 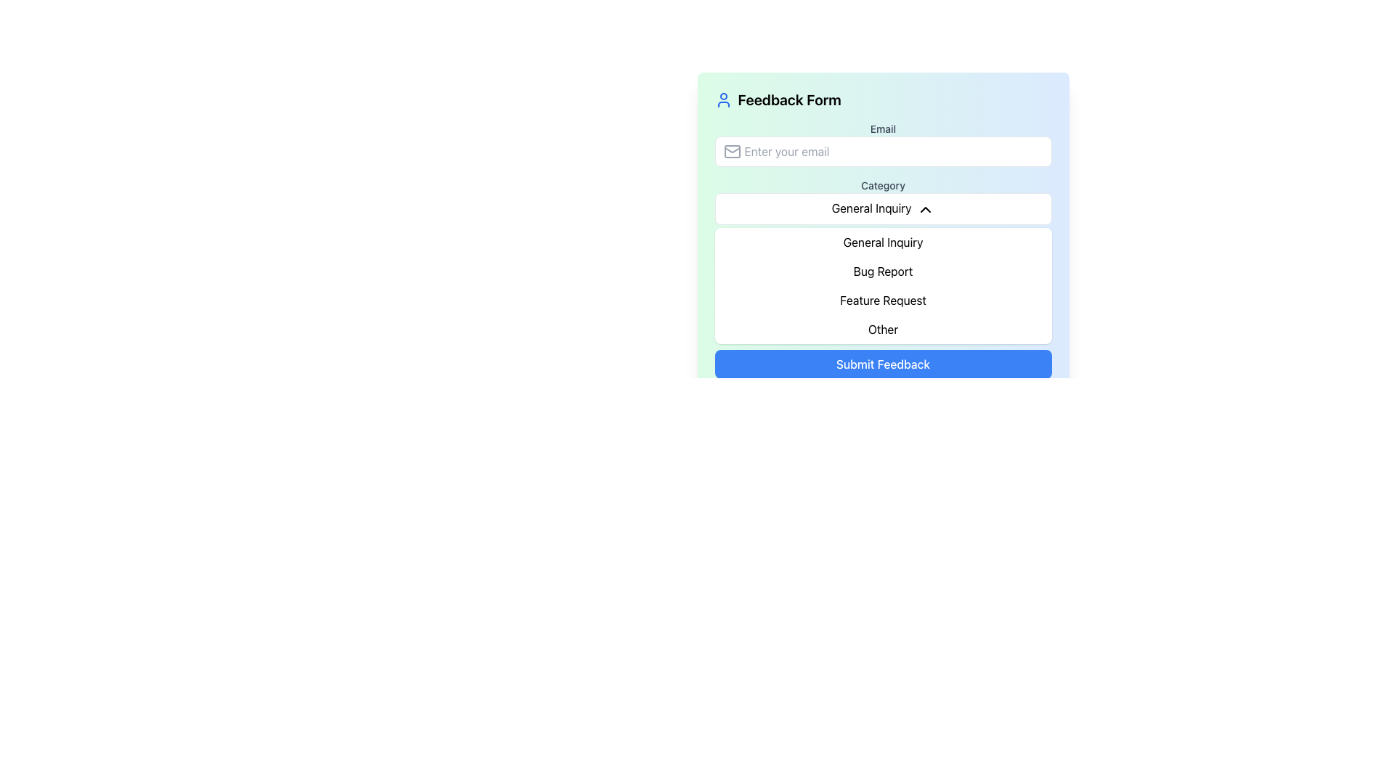 I want to click on the email input field located in the 'Email' section of the layout, so click(x=882, y=151).